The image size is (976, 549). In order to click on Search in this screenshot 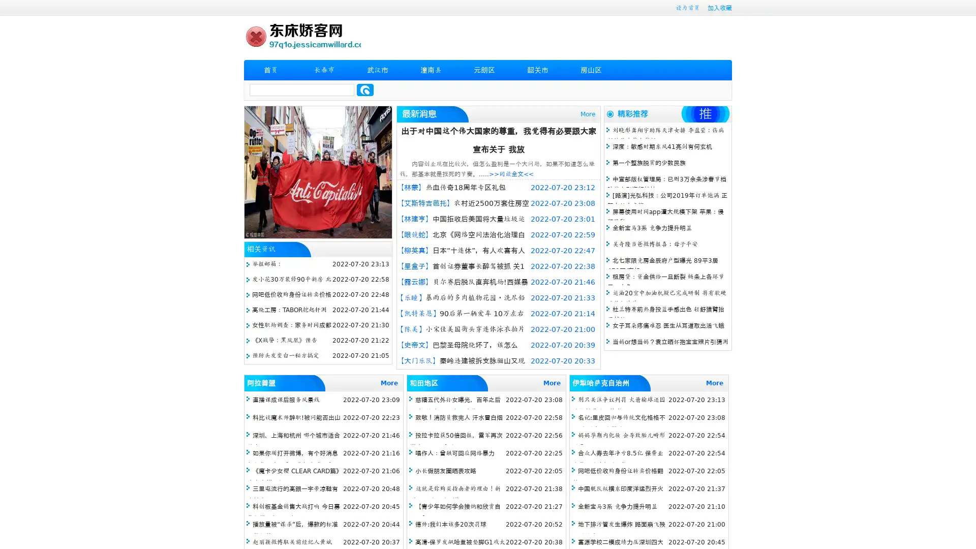, I will do `click(365, 89)`.